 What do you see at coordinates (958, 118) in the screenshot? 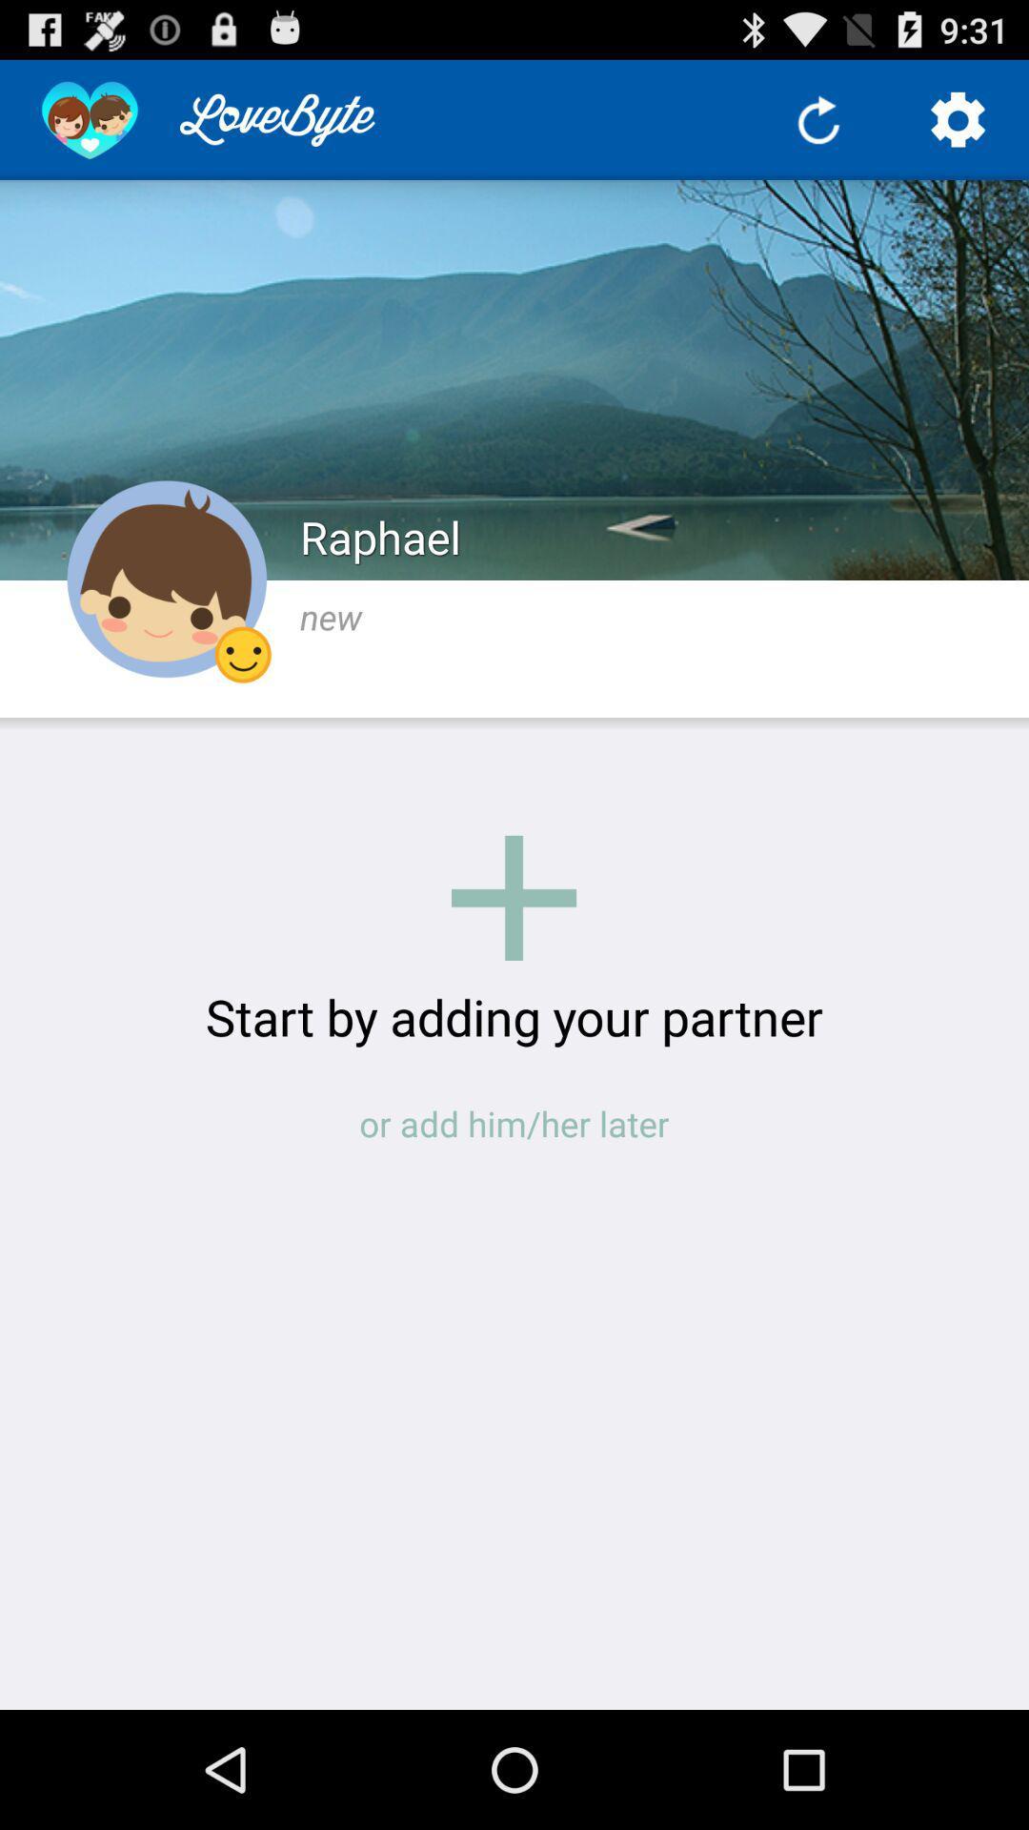
I see `it is for going into settings` at bounding box center [958, 118].